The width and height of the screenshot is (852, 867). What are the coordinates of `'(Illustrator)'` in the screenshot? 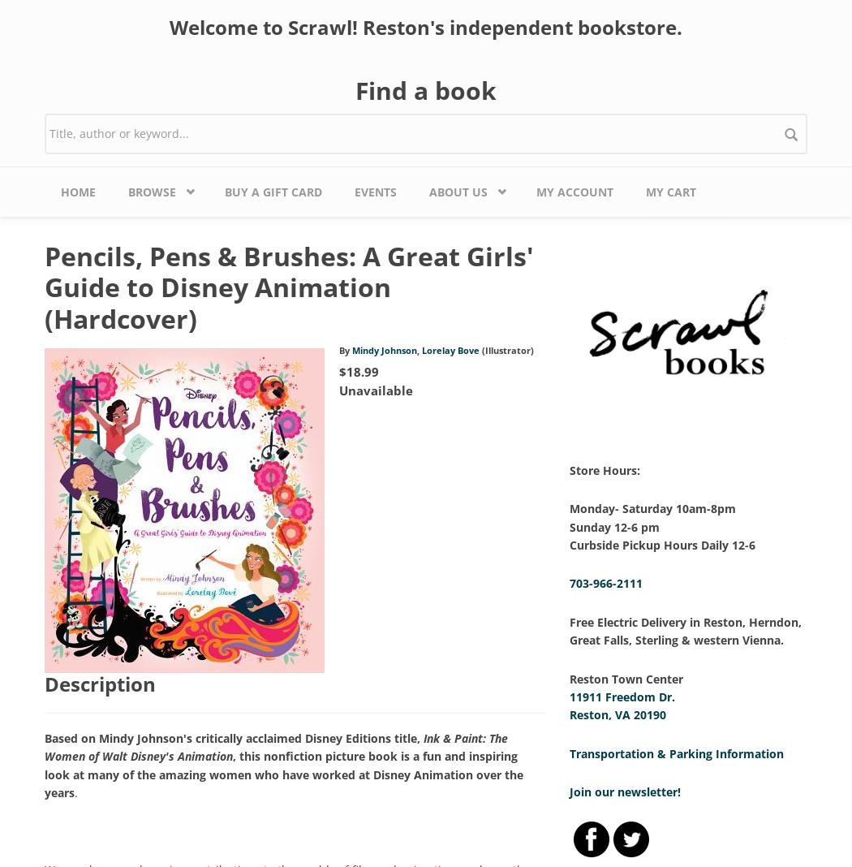 It's located at (479, 349).